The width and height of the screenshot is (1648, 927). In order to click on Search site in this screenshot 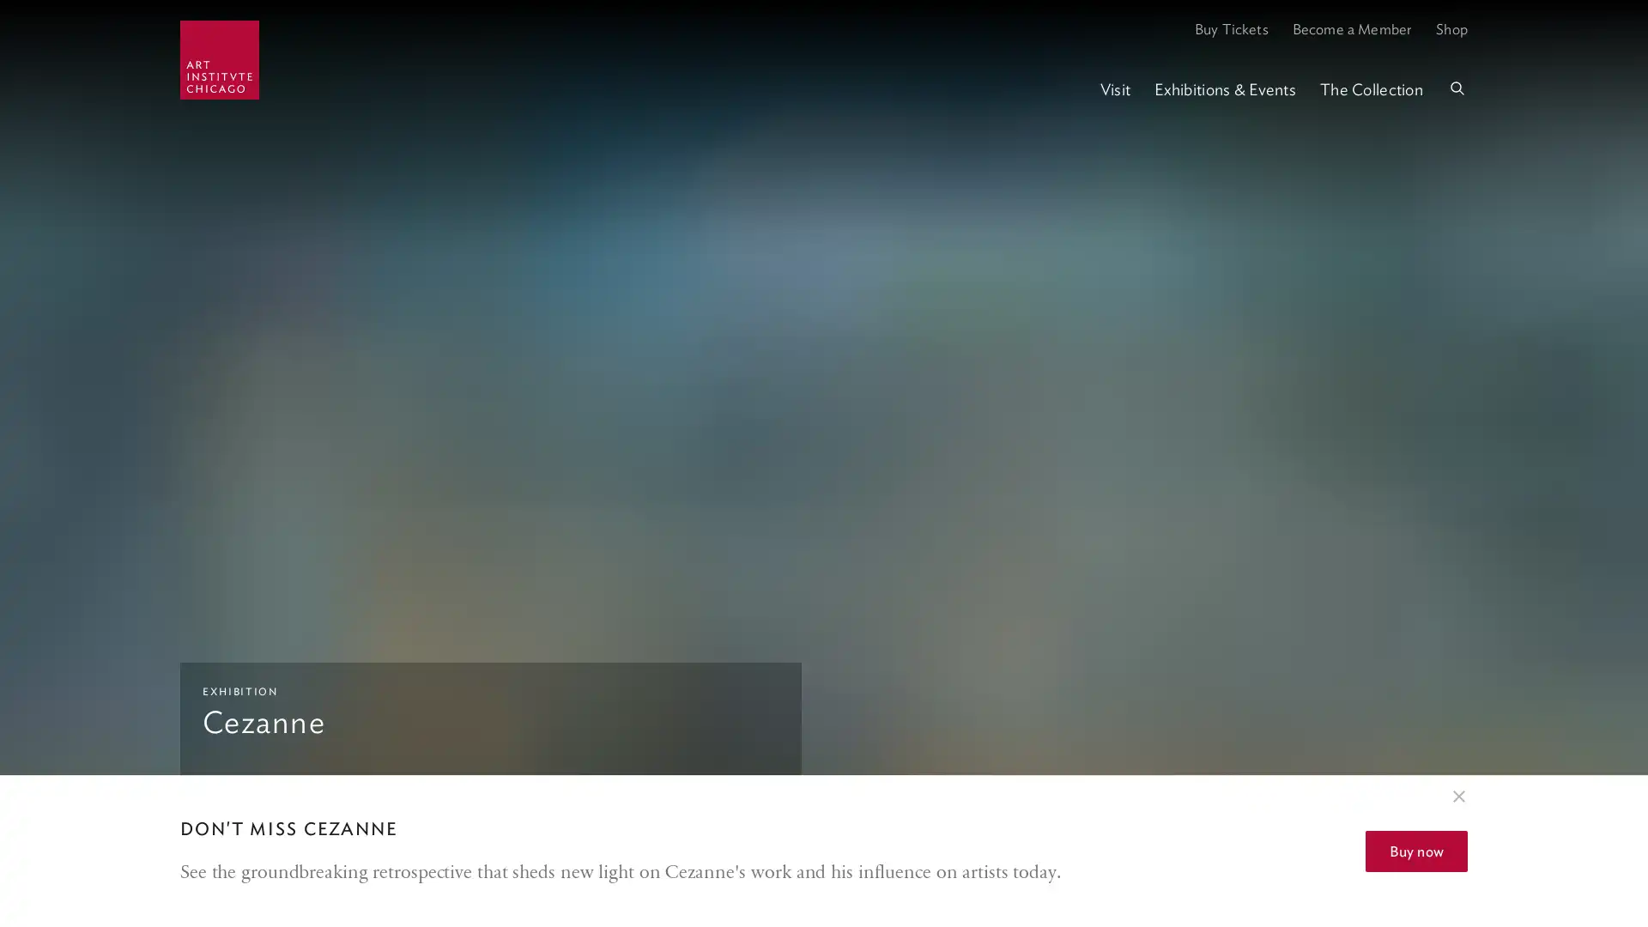, I will do `click(1457, 89)`.